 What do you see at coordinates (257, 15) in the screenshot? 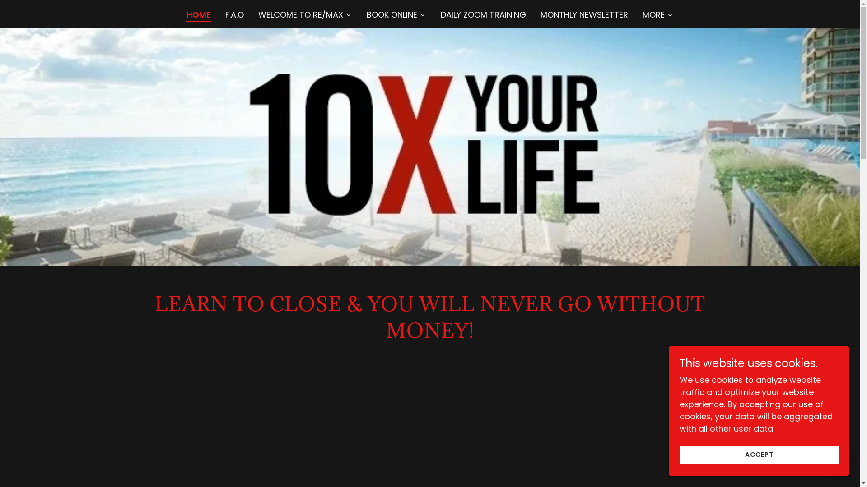
I see `'WELCOME TO RE/MAX'` at bounding box center [257, 15].